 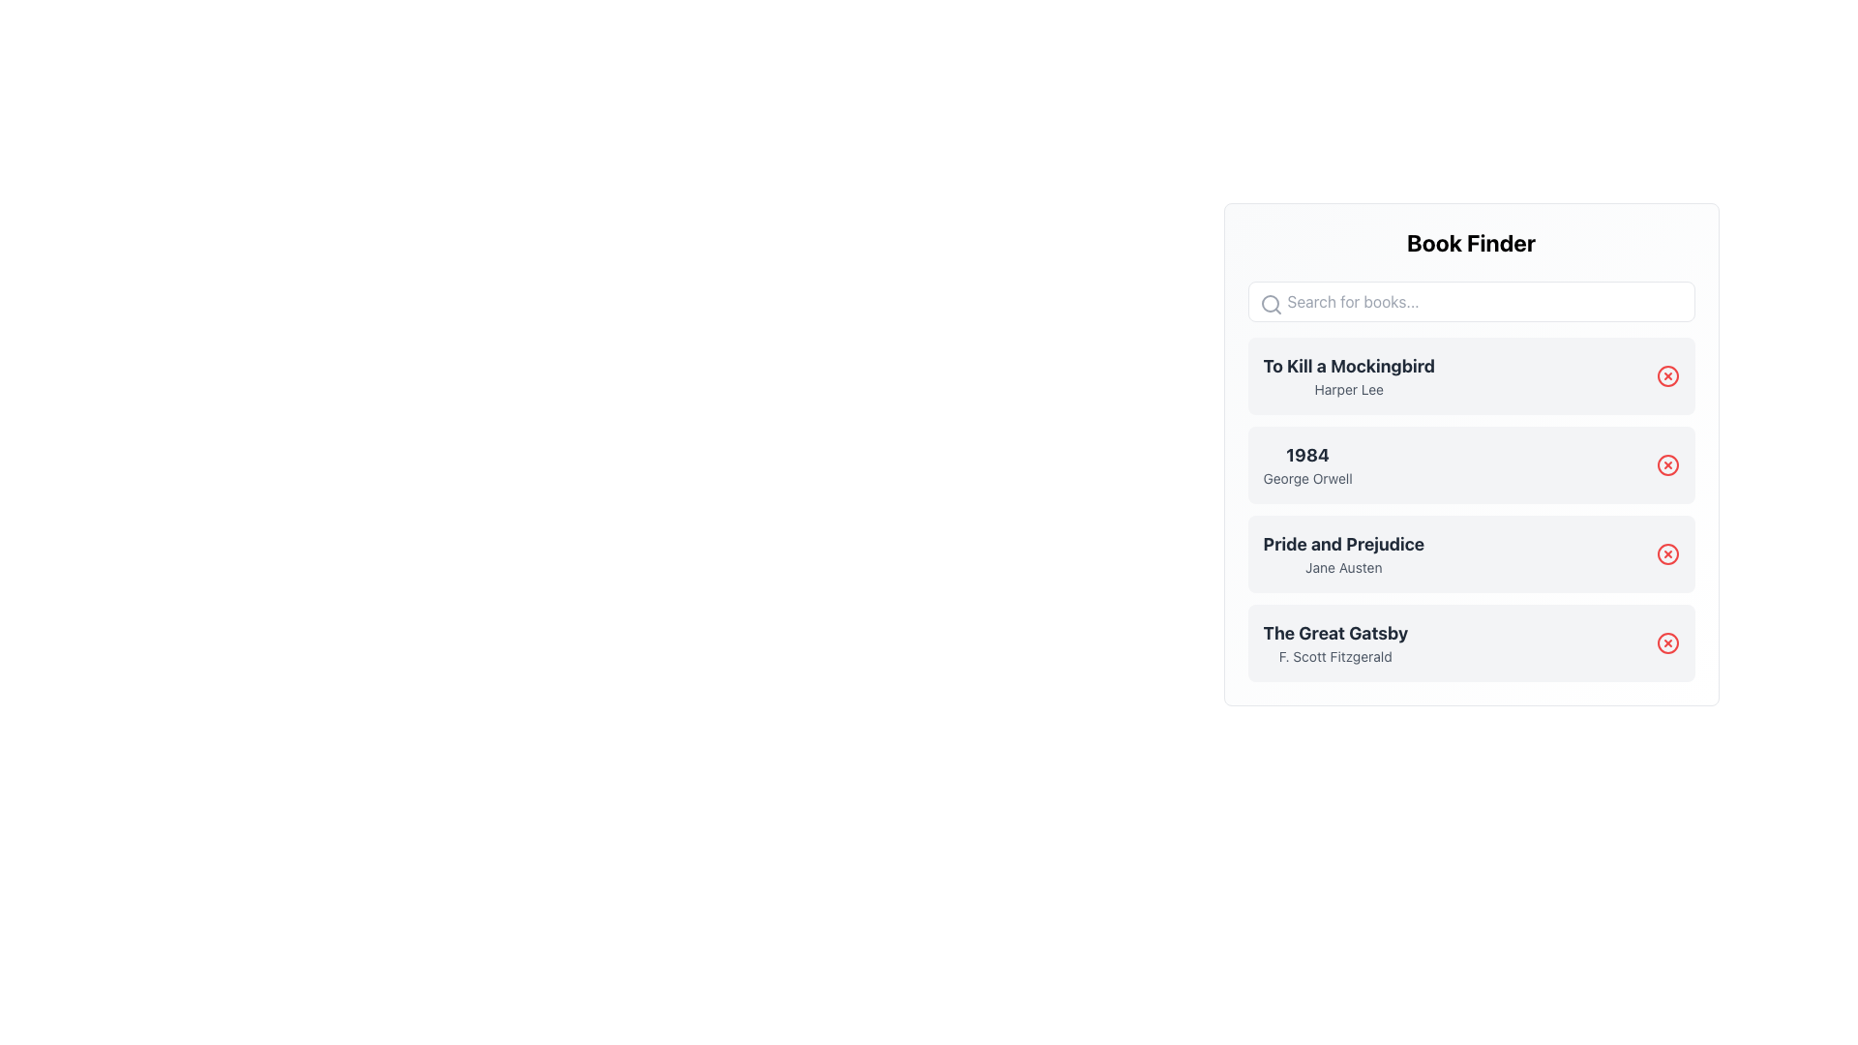 What do you see at coordinates (1342, 545) in the screenshot?
I see `the text label displaying the title 'Pride and Prejudice', which is prominently shown in bold, large dark gray font near the center of the 'Book Finder' list` at bounding box center [1342, 545].